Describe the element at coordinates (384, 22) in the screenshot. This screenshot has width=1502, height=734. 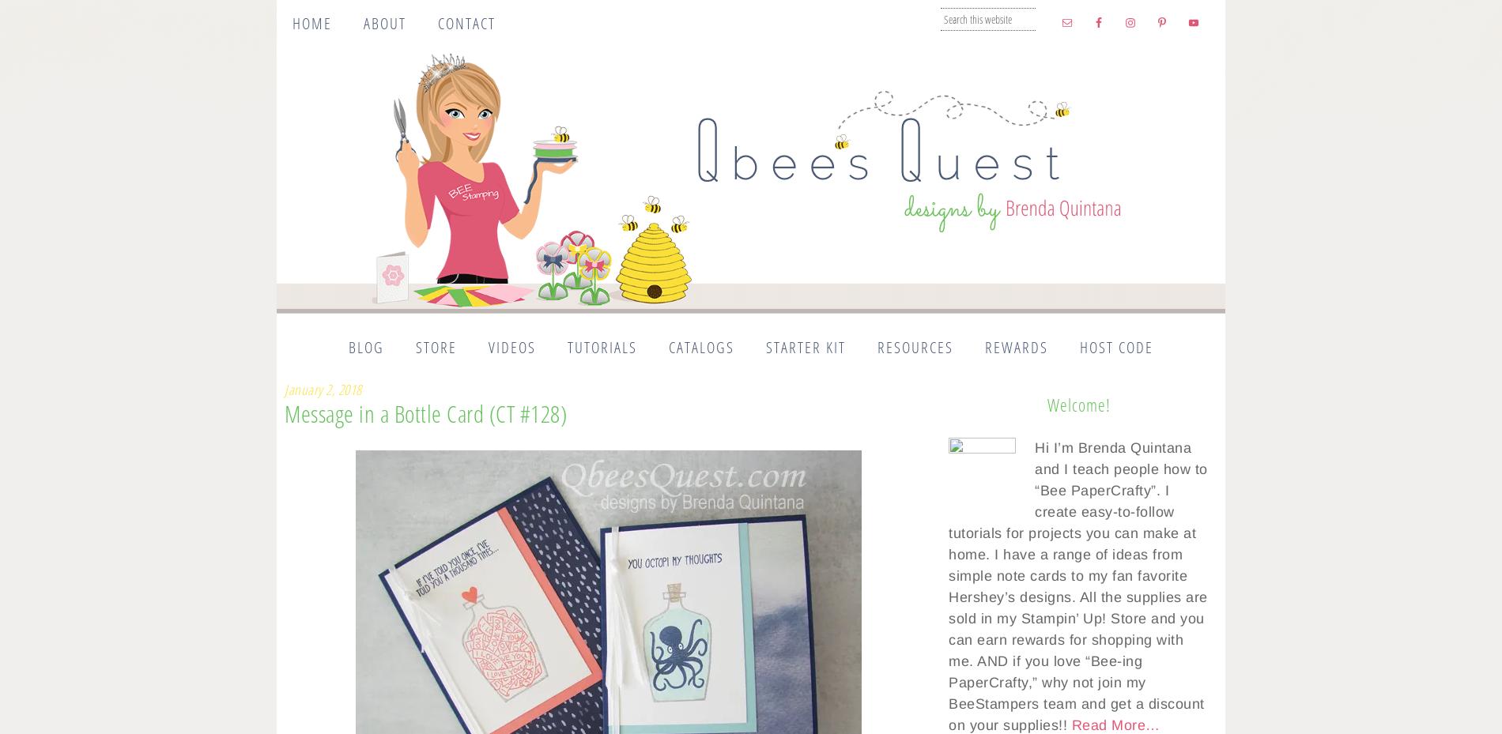
I see `'About'` at that location.